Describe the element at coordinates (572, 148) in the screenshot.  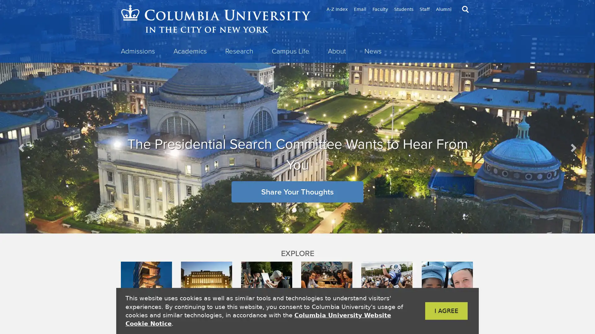
I see `Next` at that location.